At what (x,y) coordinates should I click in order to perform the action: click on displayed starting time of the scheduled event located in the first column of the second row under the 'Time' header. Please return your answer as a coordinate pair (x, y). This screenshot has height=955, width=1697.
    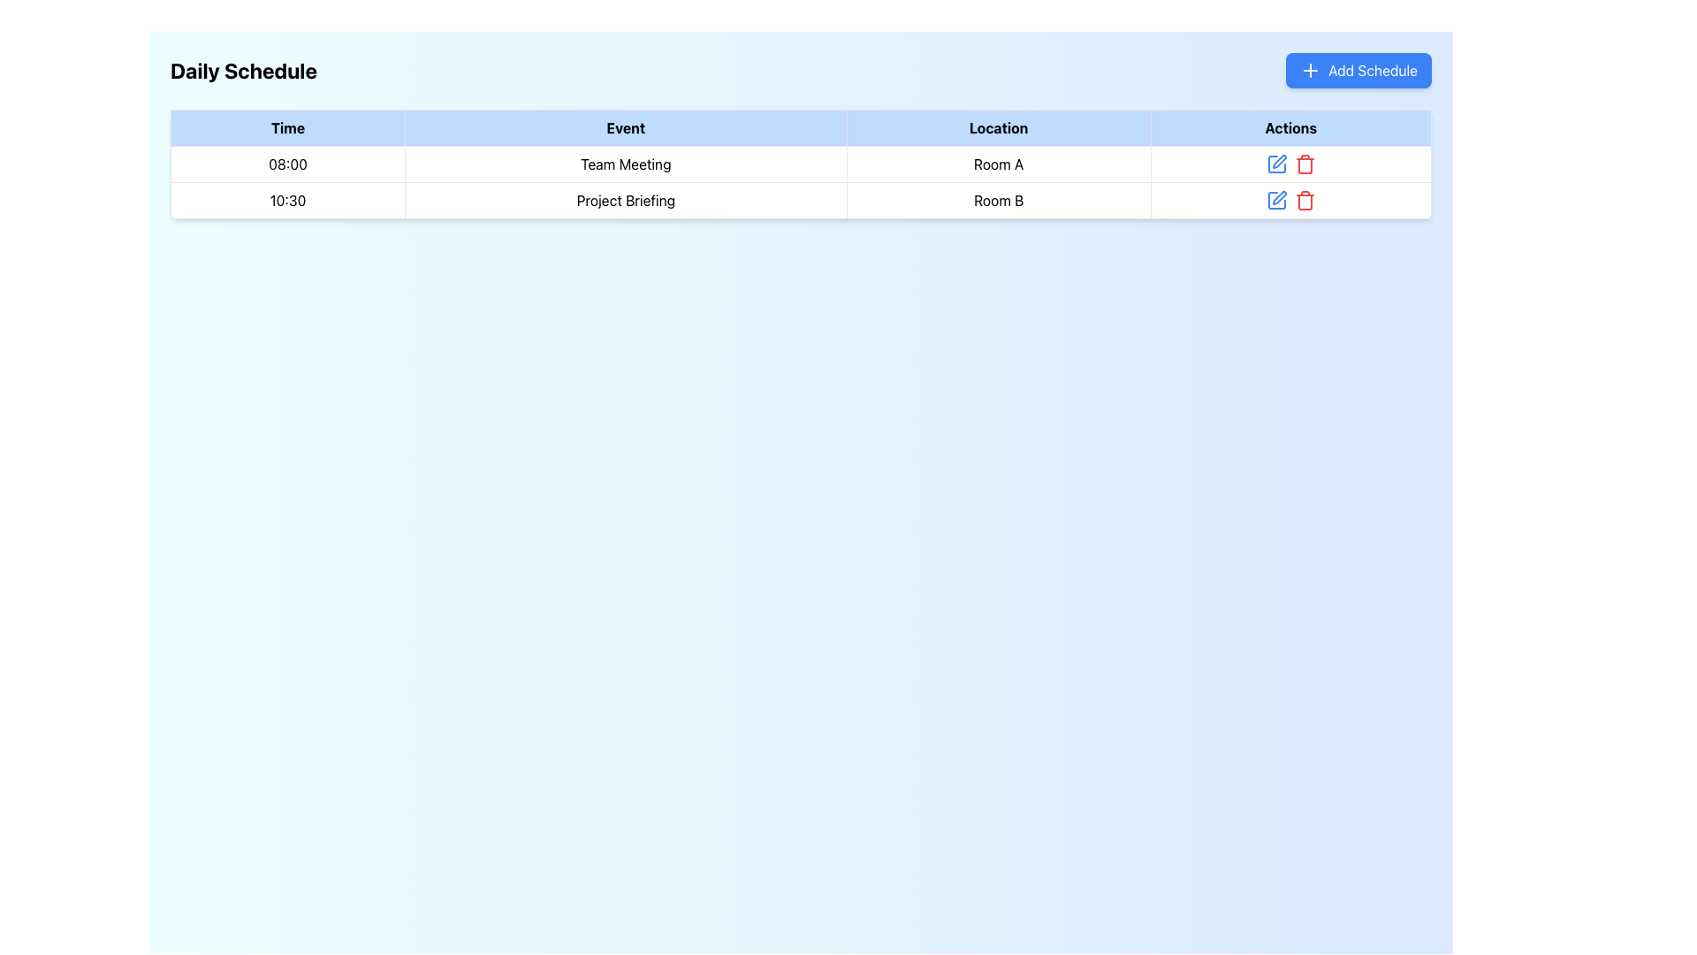
    Looking at the image, I should click on (288, 200).